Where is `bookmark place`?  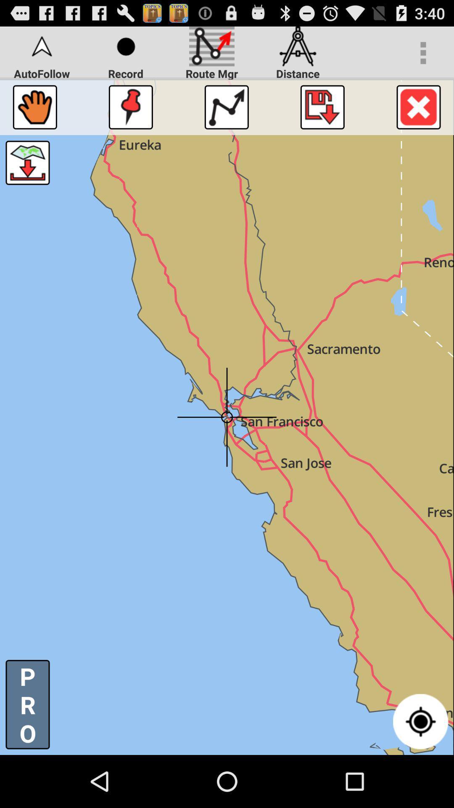 bookmark place is located at coordinates (131, 106).